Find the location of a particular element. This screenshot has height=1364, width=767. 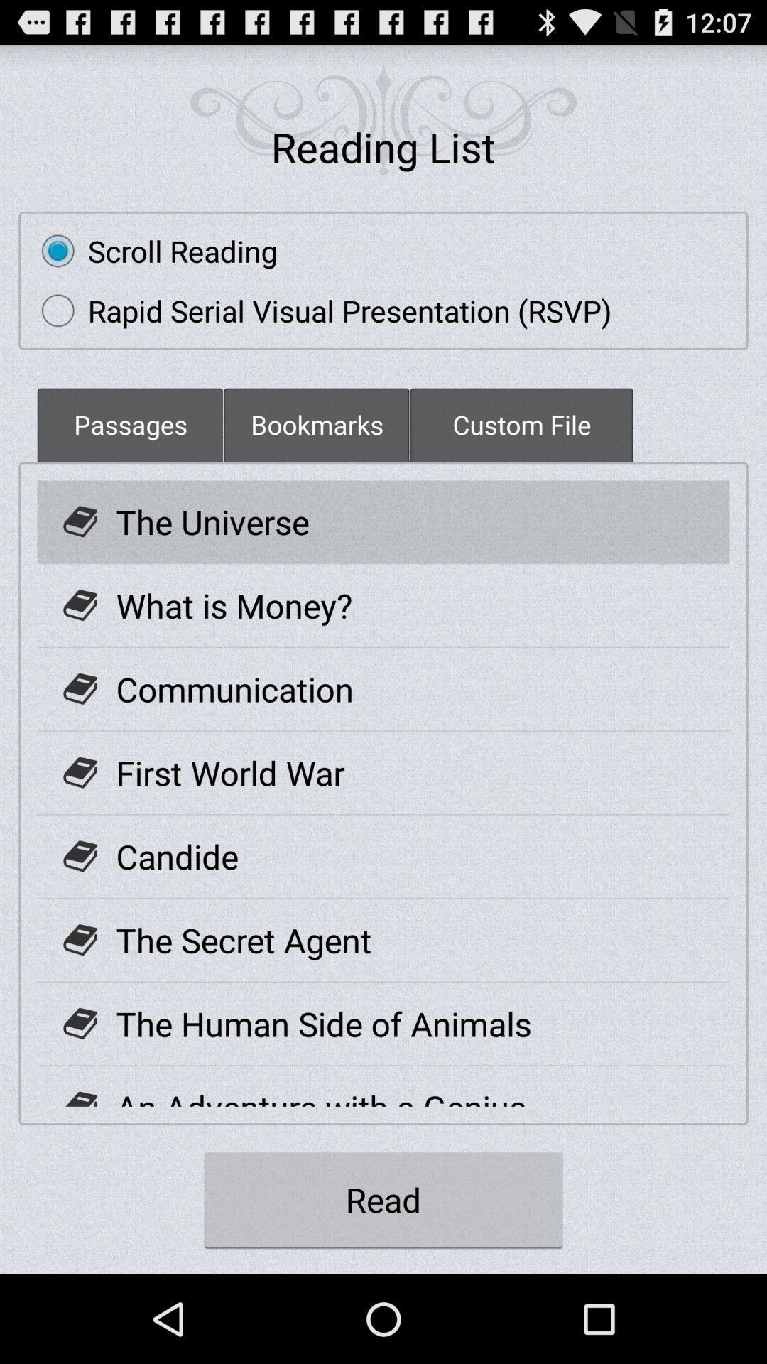

the scroll reading icon is located at coordinates (153, 251).